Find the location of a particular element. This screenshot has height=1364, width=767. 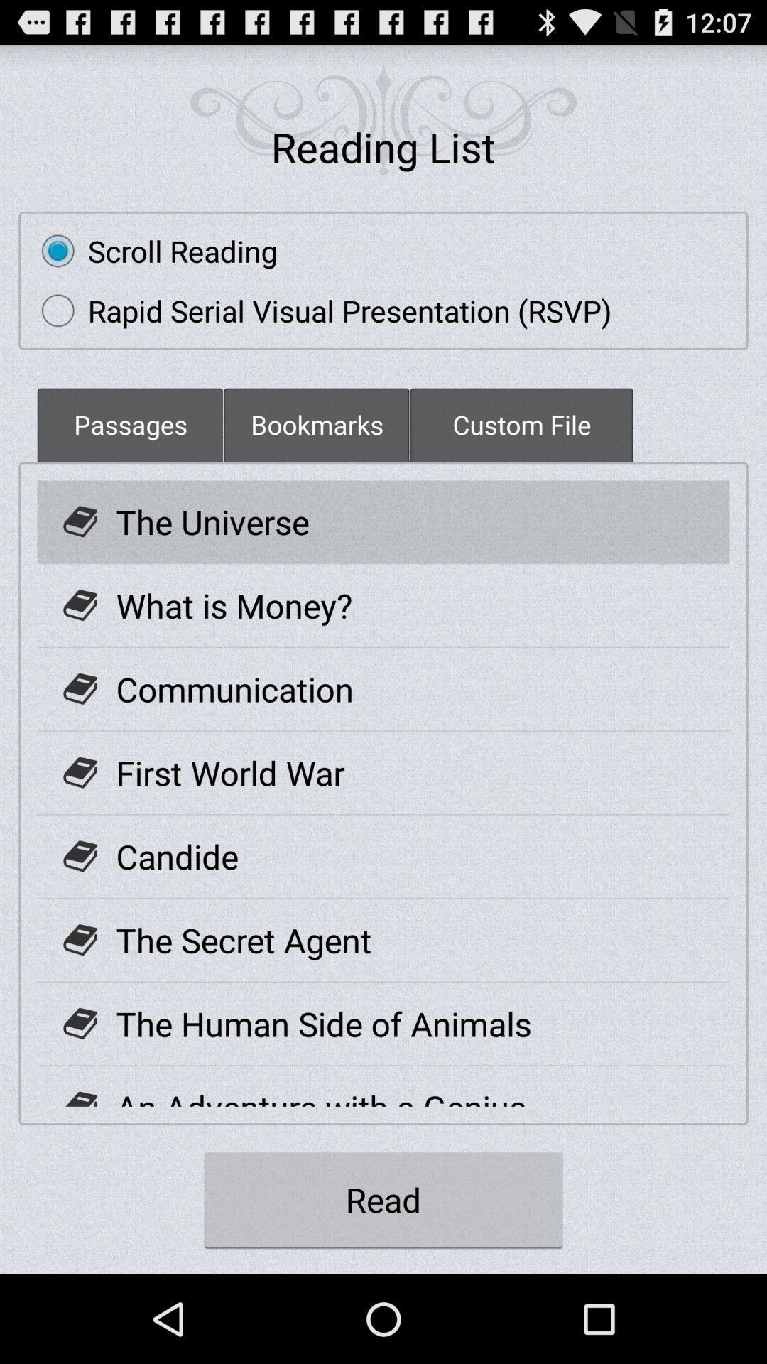

the scroll reading icon is located at coordinates (153, 251).